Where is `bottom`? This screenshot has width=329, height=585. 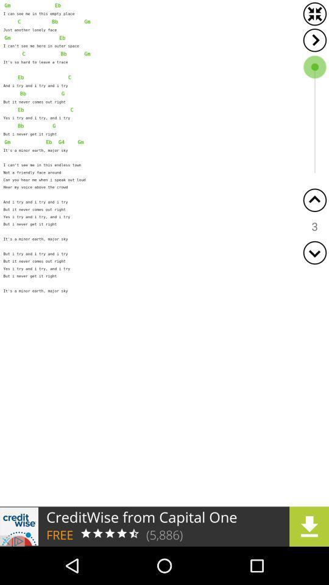 bottom is located at coordinates (314, 252).